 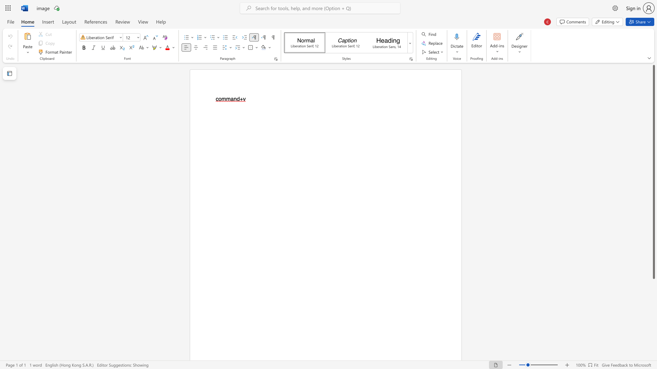 What do you see at coordinates (653, 338) in the screenshot?
I see `the scrollbar to scroll the page down` at bounding box center [653, 338].